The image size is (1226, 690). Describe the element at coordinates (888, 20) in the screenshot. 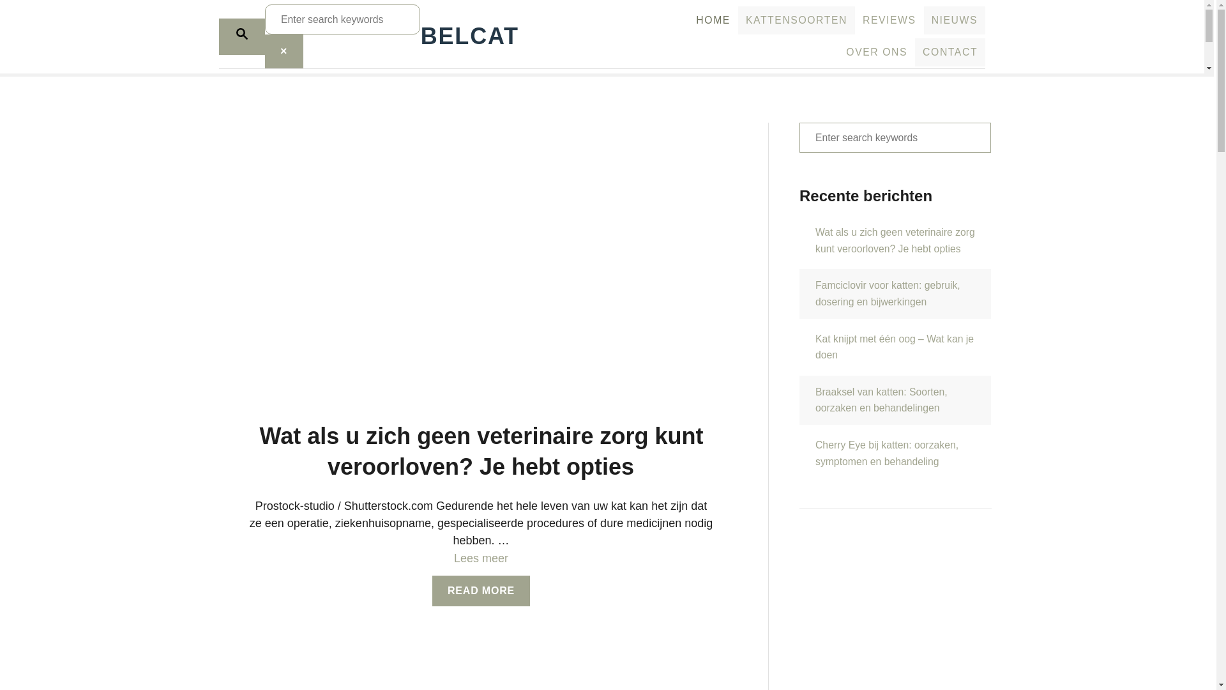

I see `'REVIEWS'` at that location.